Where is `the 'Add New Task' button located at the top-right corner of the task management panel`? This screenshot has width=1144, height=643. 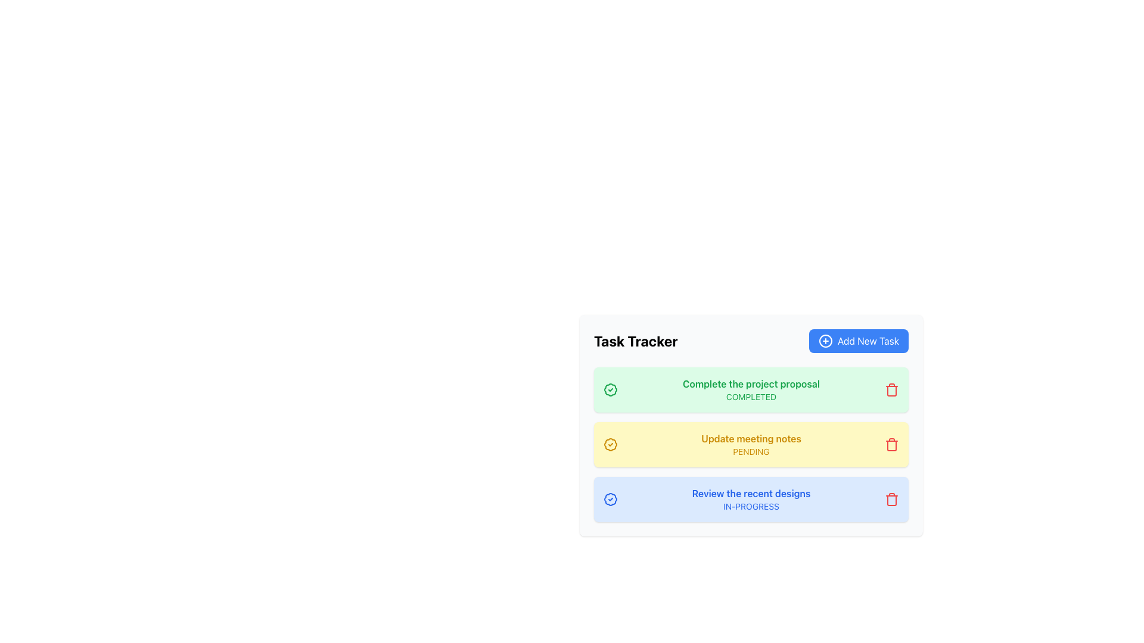
the 'Add New Task' button located at the top-right corner of the task management panel is located at coordinates (868, 341).